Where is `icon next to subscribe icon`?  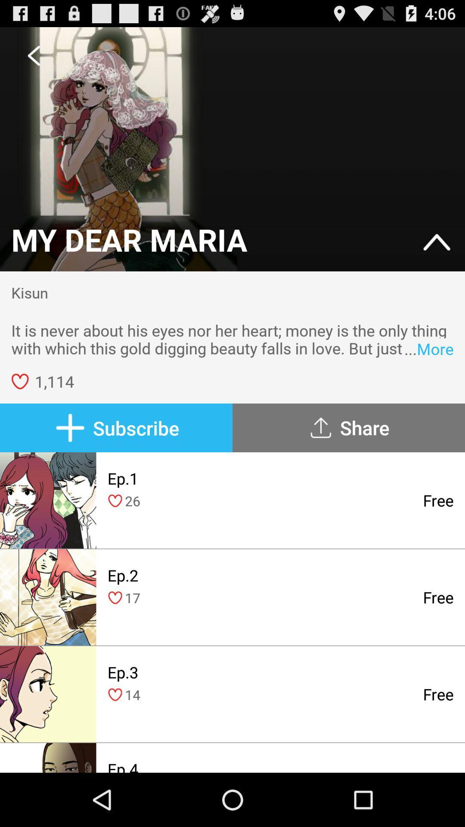
icon next to subscribe icon is located at coordinates (349, 428).